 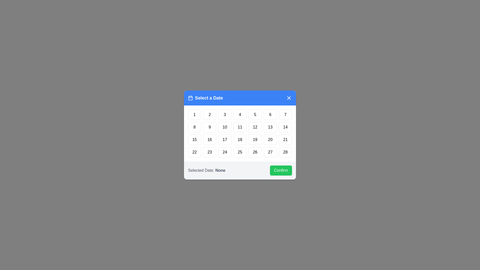 I want to click on the day button labeled 24 to highlight it, so click(x=224, y=152).